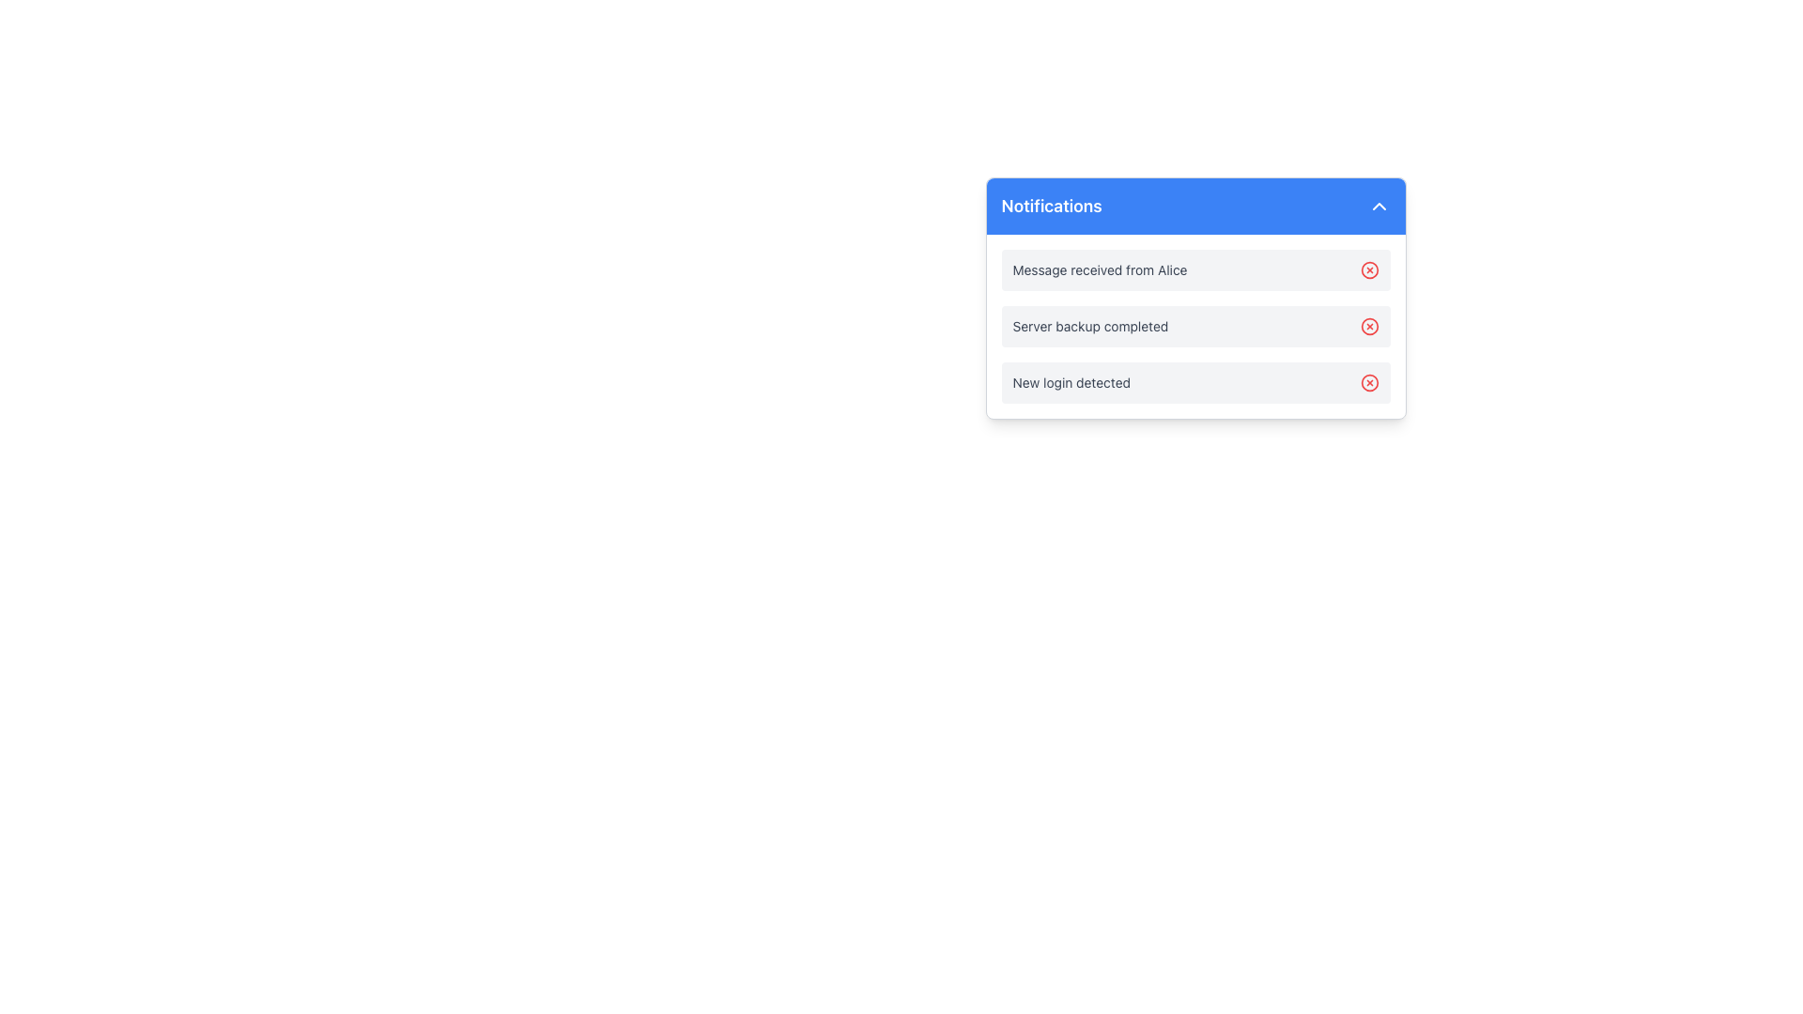 This screenshot has width=1803, height=1014. Describe the element at coordinates (1194, 325) in the screenshot. I see `details of the notification item displaying 'Server backup completed' with a dismiss button` at that location.